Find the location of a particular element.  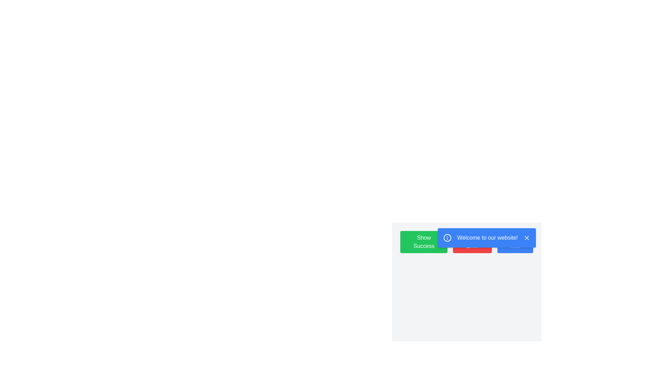

the success feedback button located on the left among three horizontally-aligned buttons is located at coordinates (424, 241).